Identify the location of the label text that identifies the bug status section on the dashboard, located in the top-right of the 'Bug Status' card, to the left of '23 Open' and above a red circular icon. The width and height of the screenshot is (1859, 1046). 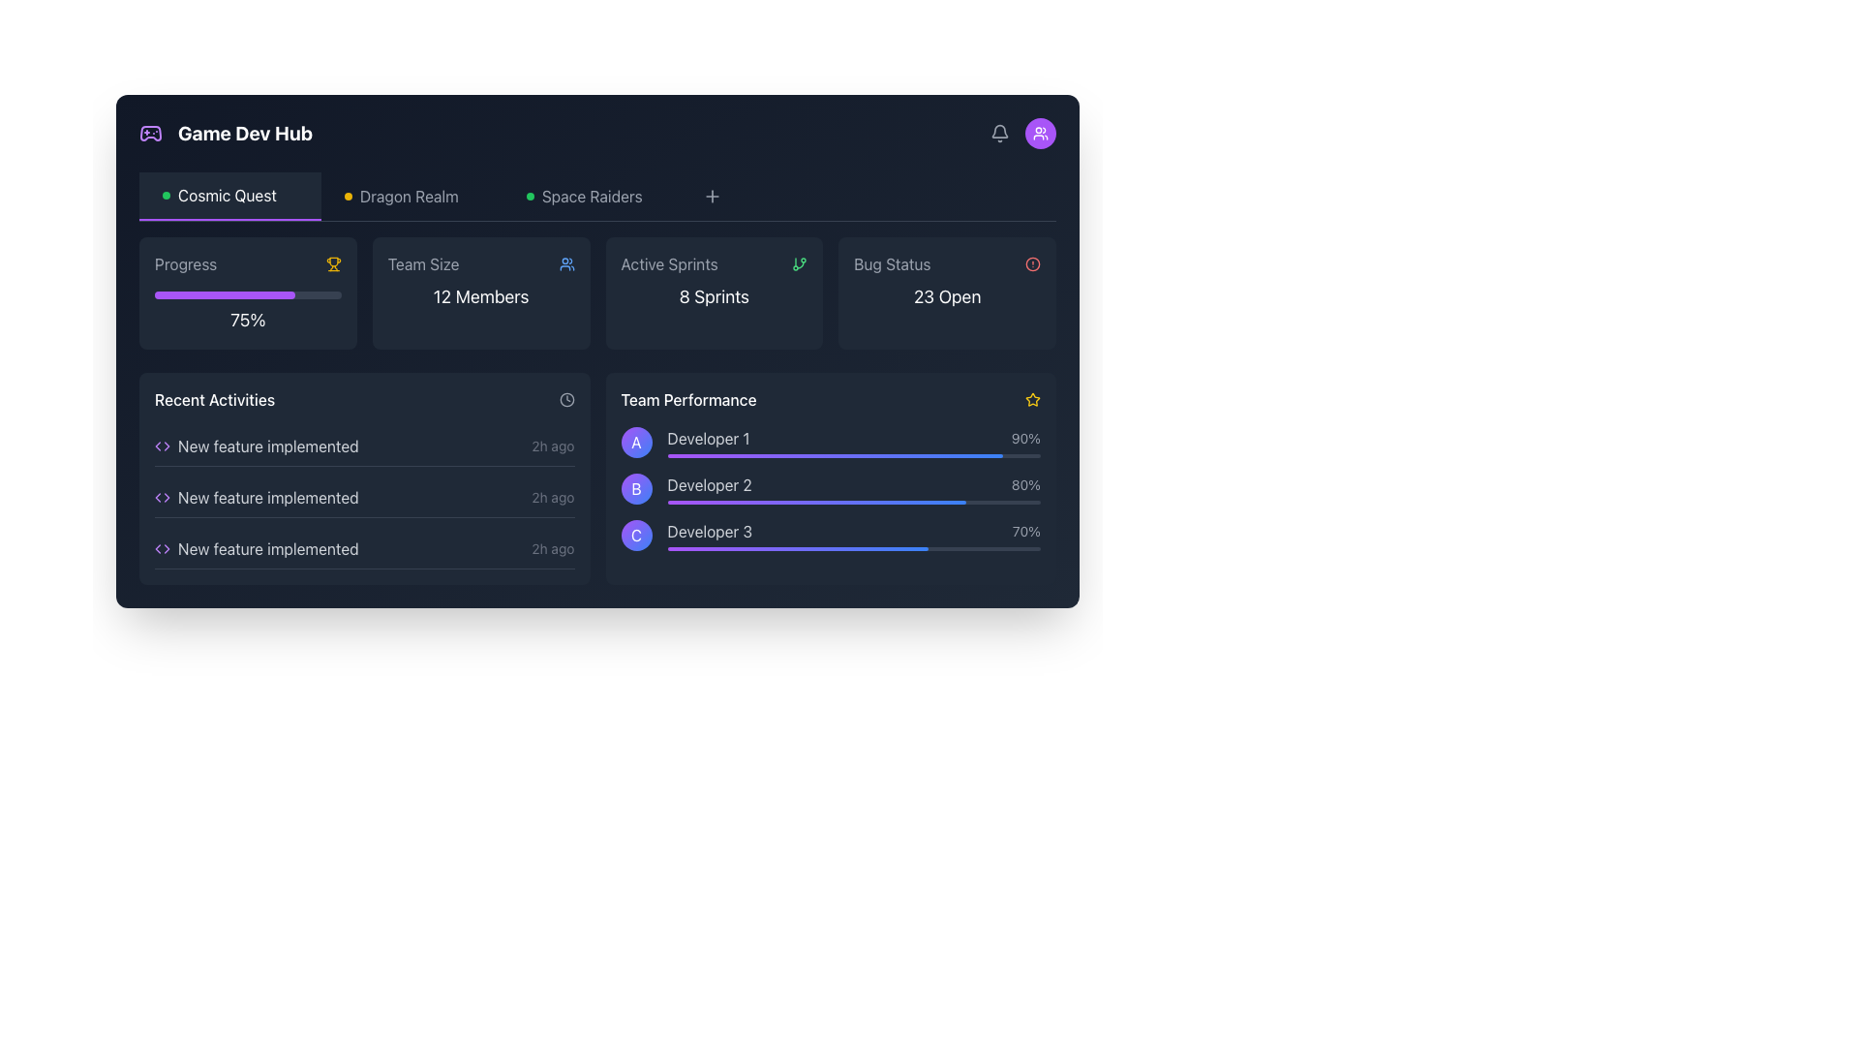
(891, 264).